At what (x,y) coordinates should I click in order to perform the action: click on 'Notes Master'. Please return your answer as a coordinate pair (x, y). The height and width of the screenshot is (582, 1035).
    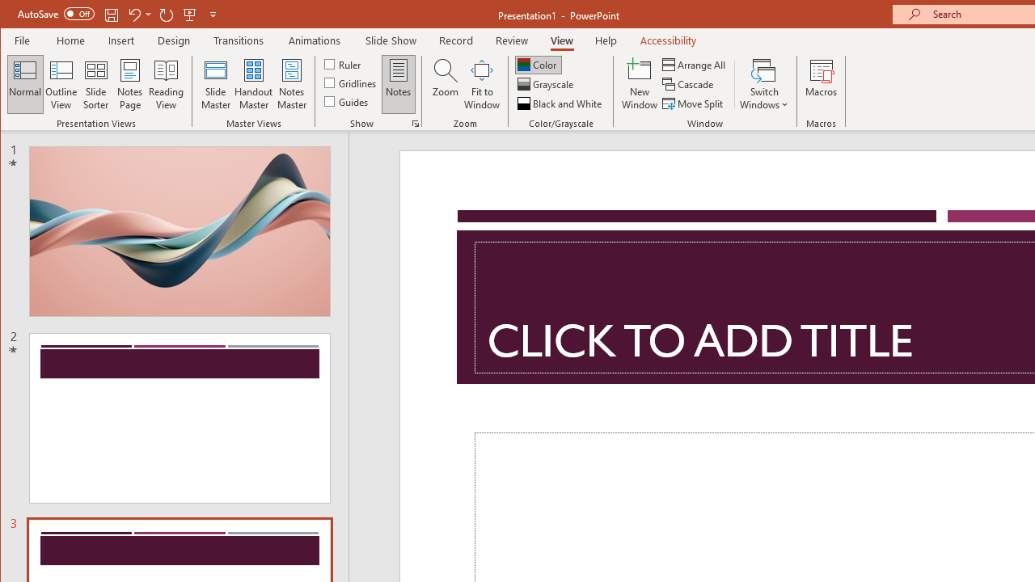
    Looking at the image, I should click on (291, 84).